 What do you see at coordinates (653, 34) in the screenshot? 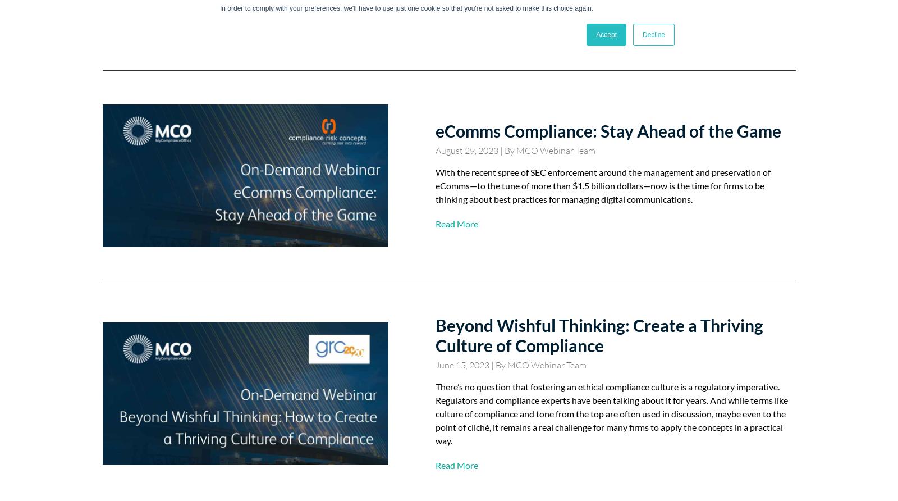
I see `'Decline'` at bounding box center [653, 34].